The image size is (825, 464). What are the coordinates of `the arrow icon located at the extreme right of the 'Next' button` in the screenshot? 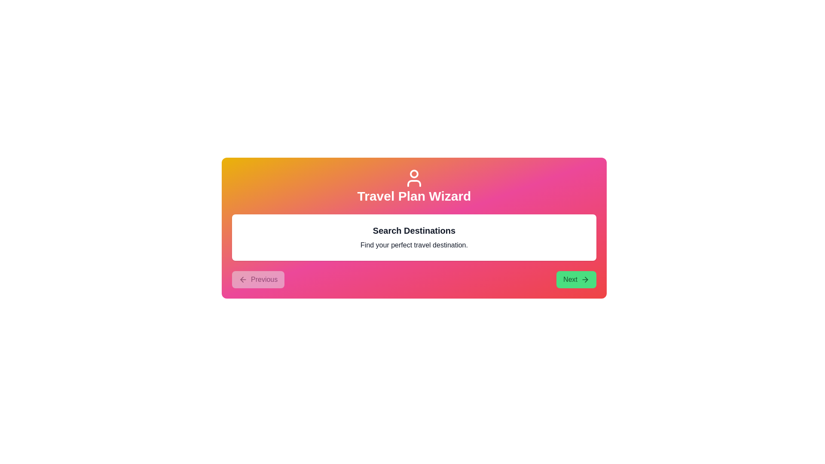 It's located at (585, 280).